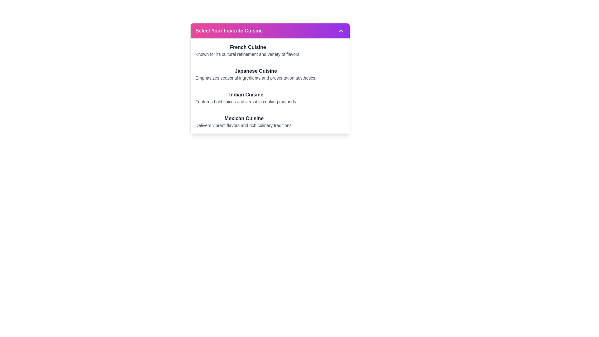 This screenshot has width=599, height=337. What do you see at coordinates (247, 47) in the screenshot?
I see `text label displaying 'French Cuisine' which is bold and dark gray, located at the top of the list in the 'Select Your Favorite Cuisine' panel` at bounding box center [247, 47].